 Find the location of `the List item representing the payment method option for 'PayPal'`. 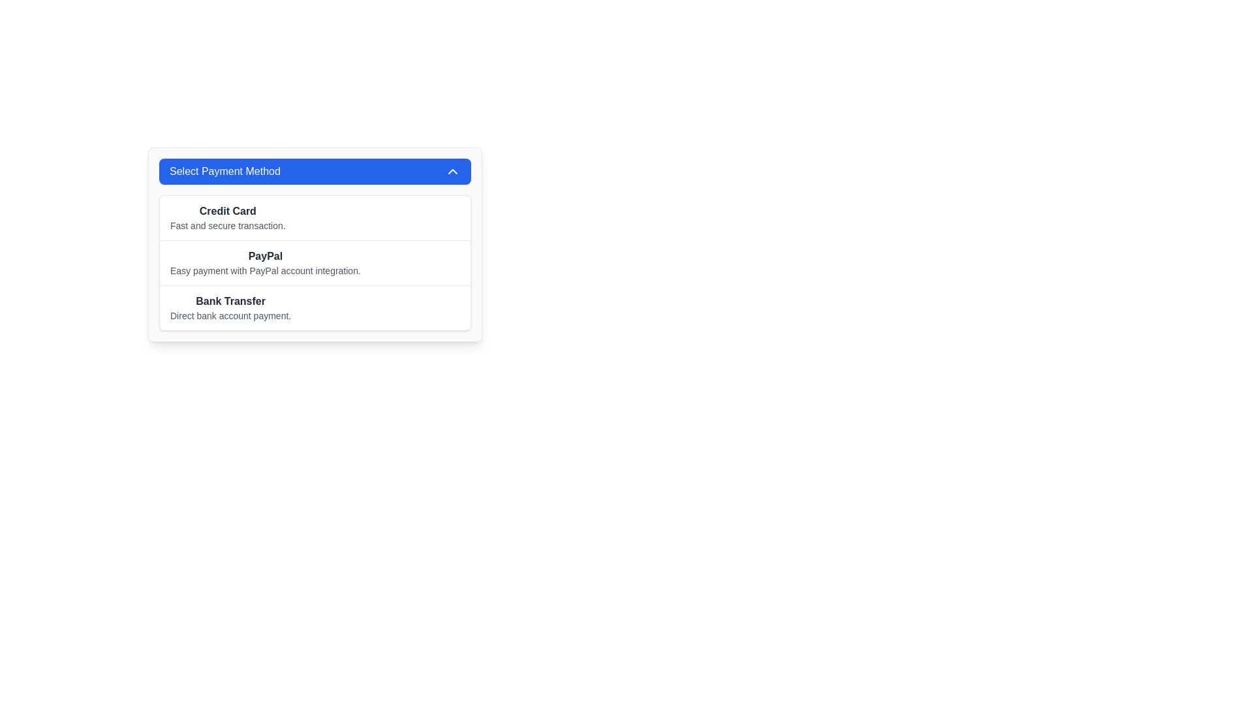

the List item representing the payment method option for 'PayPal' is located at coordinates (264, 262).